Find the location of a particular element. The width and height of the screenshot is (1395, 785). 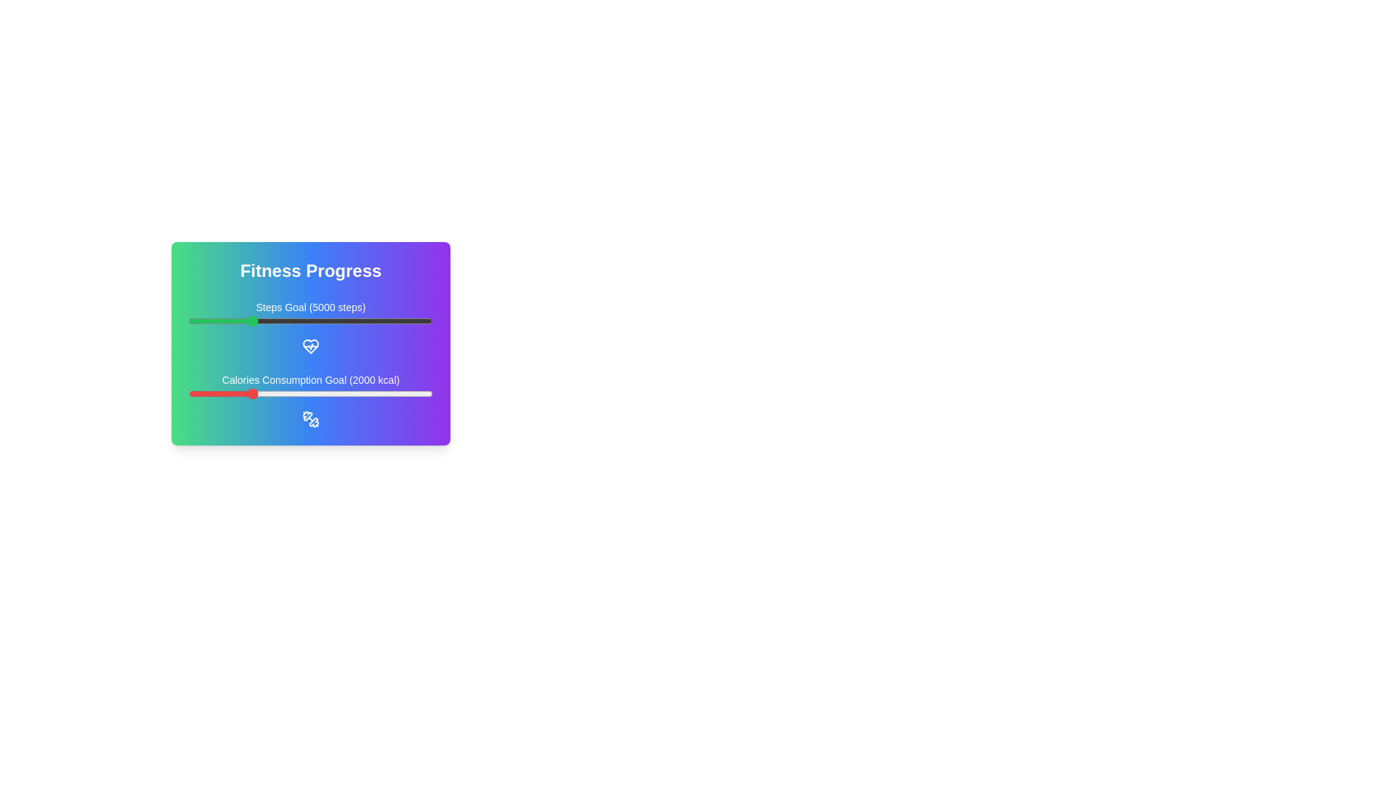

the calorie goal is located at coordinates (411, 394).